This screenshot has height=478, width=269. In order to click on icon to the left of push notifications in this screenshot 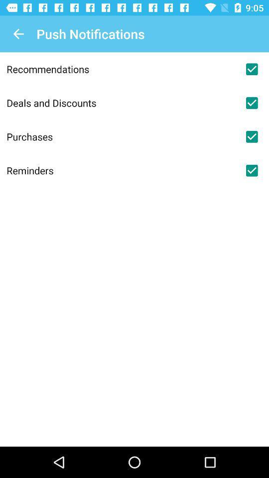, I will do `click(18, 34)`.